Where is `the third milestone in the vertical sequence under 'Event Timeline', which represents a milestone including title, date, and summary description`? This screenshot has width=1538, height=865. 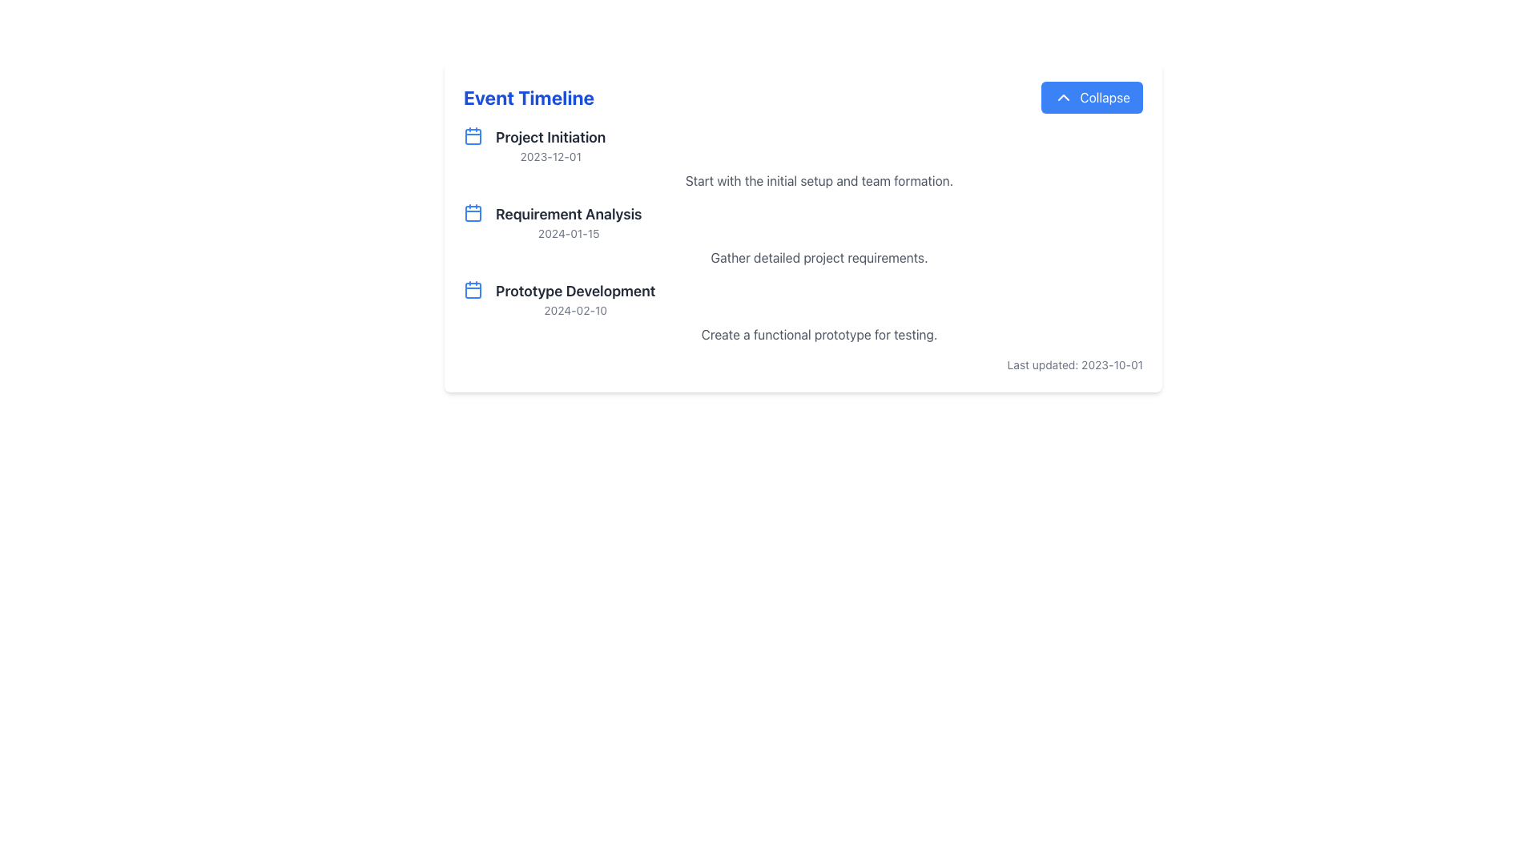
the third milestone in the vertical sequence under 'Event Timeline', which represents a milestone including title, date, and summary description is located at coordinates (803, 312).